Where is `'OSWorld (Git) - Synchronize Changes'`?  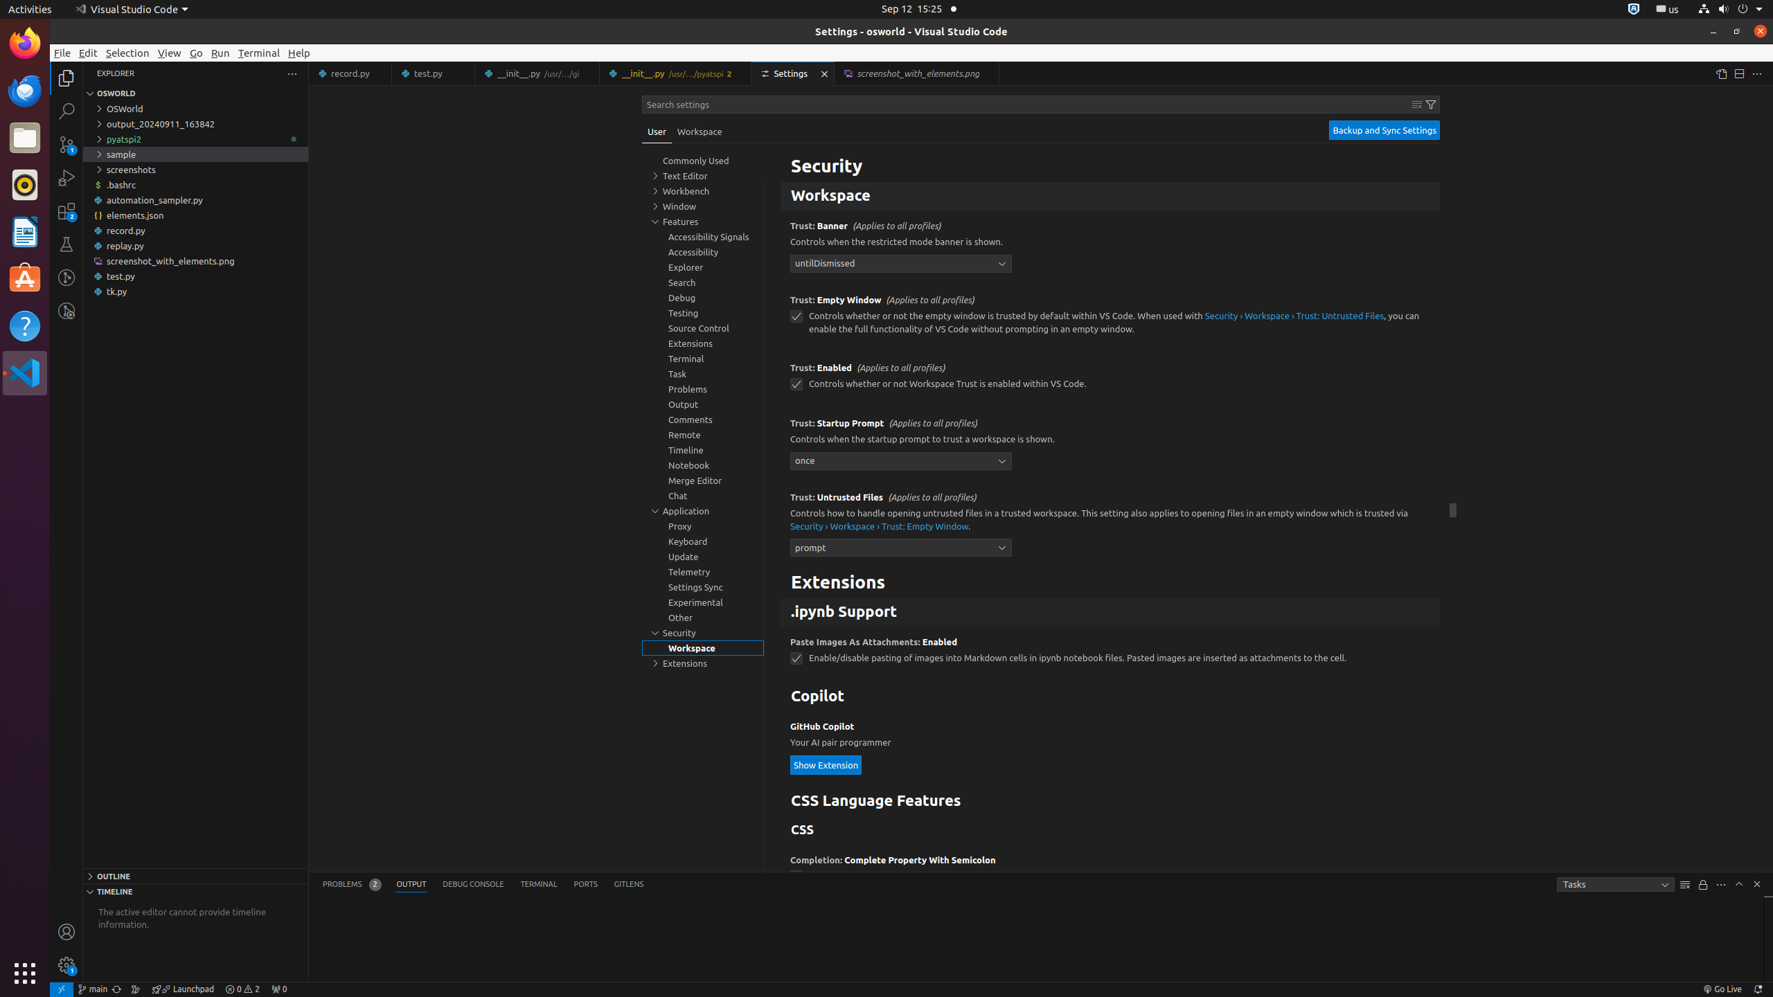
'OSWorld (Git) - Synchronize Changes' is located at coordinates (116, 989).